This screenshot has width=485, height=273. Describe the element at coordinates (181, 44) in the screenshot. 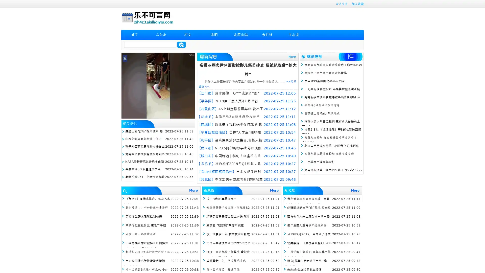

I see `Search` at that location.